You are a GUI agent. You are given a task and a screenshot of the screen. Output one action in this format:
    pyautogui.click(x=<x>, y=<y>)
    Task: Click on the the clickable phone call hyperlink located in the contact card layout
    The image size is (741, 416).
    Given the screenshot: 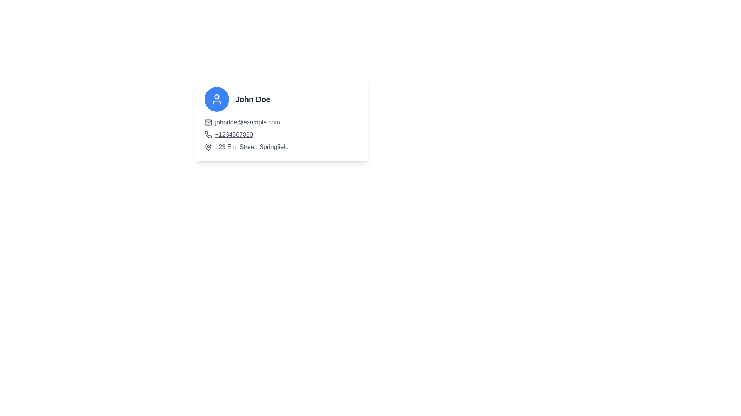 What is the action you would take?
    pyautogui.click(x=233, y=134)
    